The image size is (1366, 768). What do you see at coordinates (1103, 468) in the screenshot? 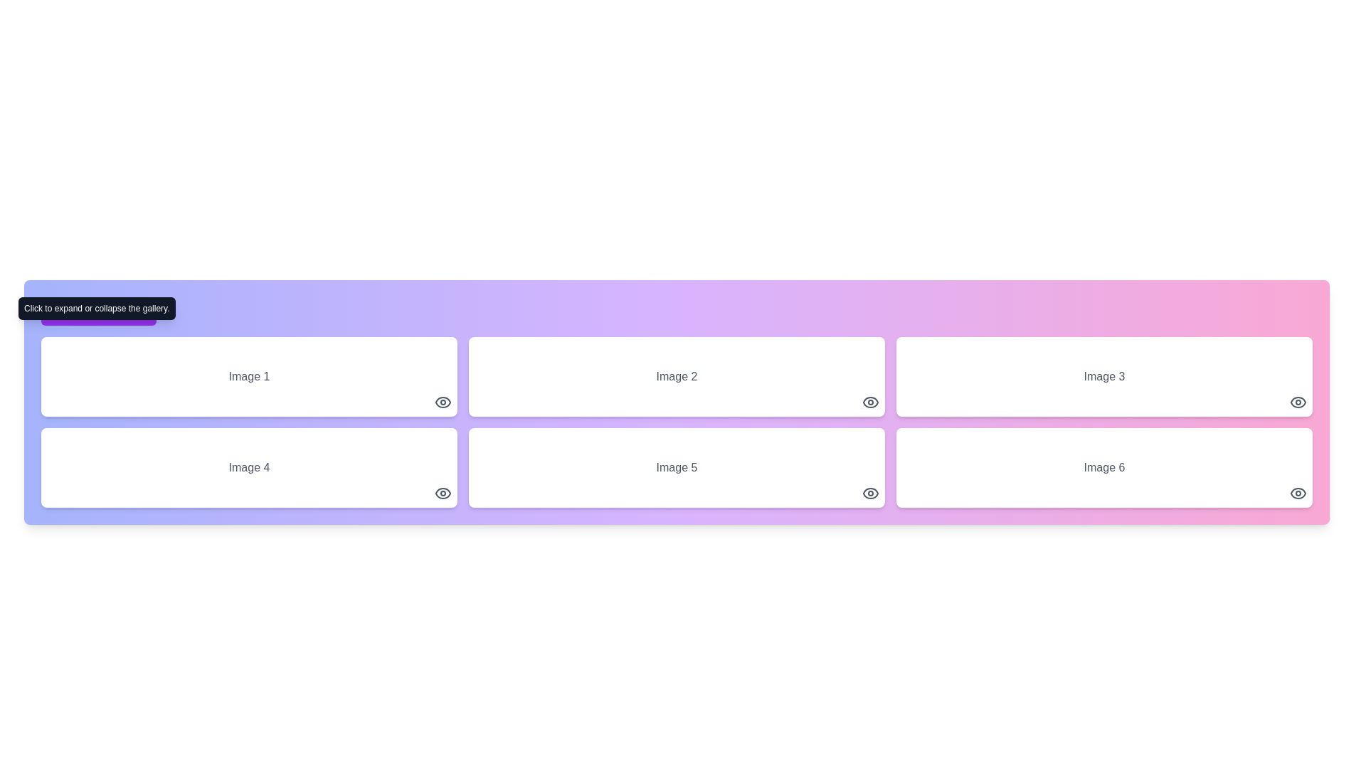
I see `the sixth Info card in the grid that showcases 'Image 6', located in the last column of the second row, set against a purple-to-pink gradient background` at bounding box center [1103, 468].